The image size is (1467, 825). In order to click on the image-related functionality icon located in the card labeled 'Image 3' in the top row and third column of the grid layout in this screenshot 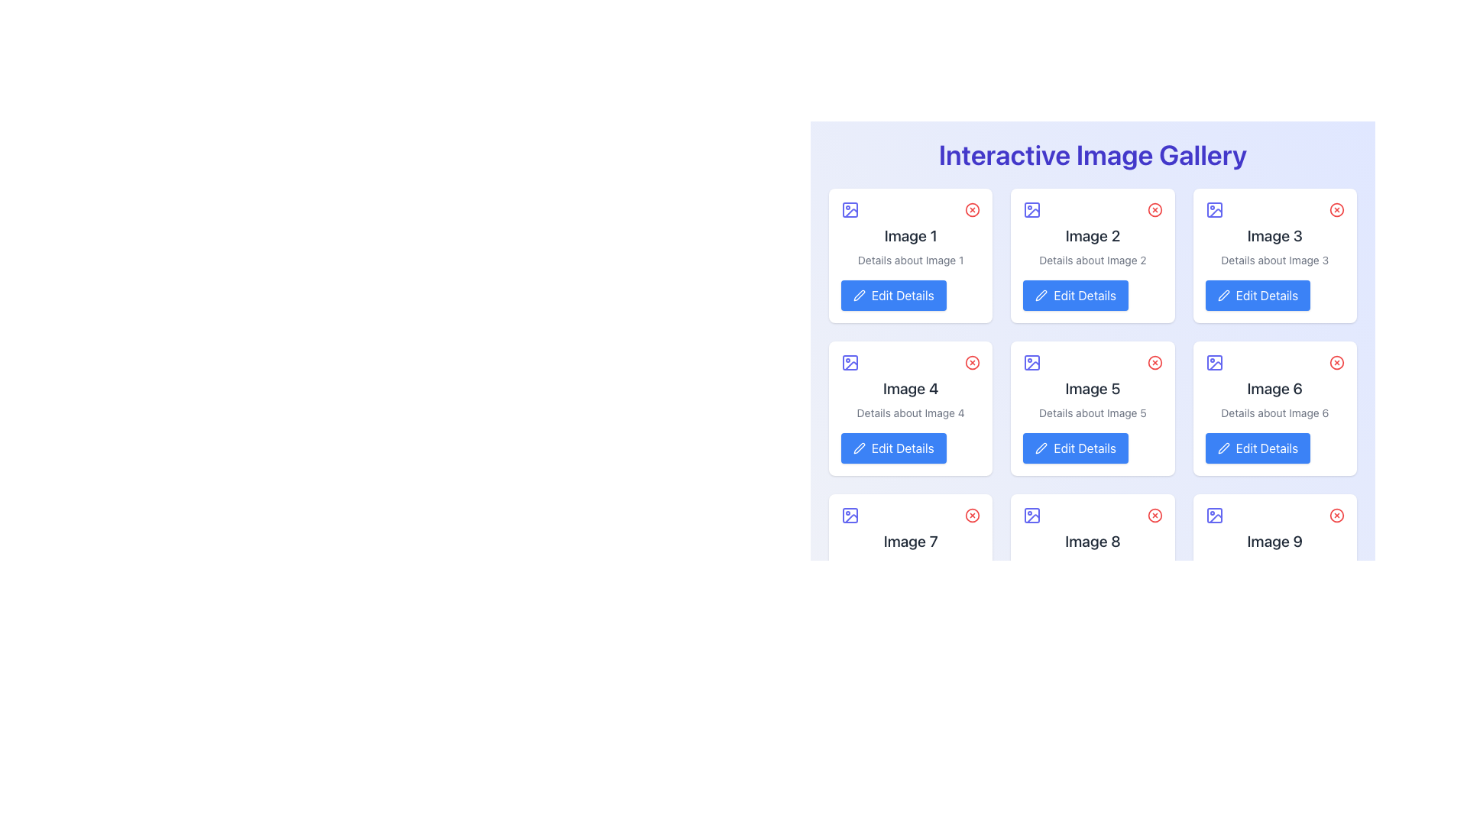, I will do `click(1213, 209)`.